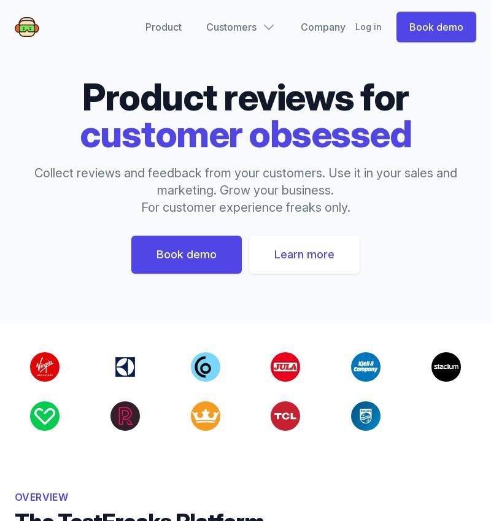  I want to click on 'Overview', so click(41, 497).